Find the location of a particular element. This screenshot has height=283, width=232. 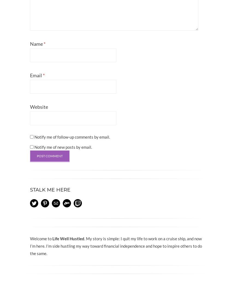

'Notify me of follow-up comments by email.' is located at coordinates (34, 137).